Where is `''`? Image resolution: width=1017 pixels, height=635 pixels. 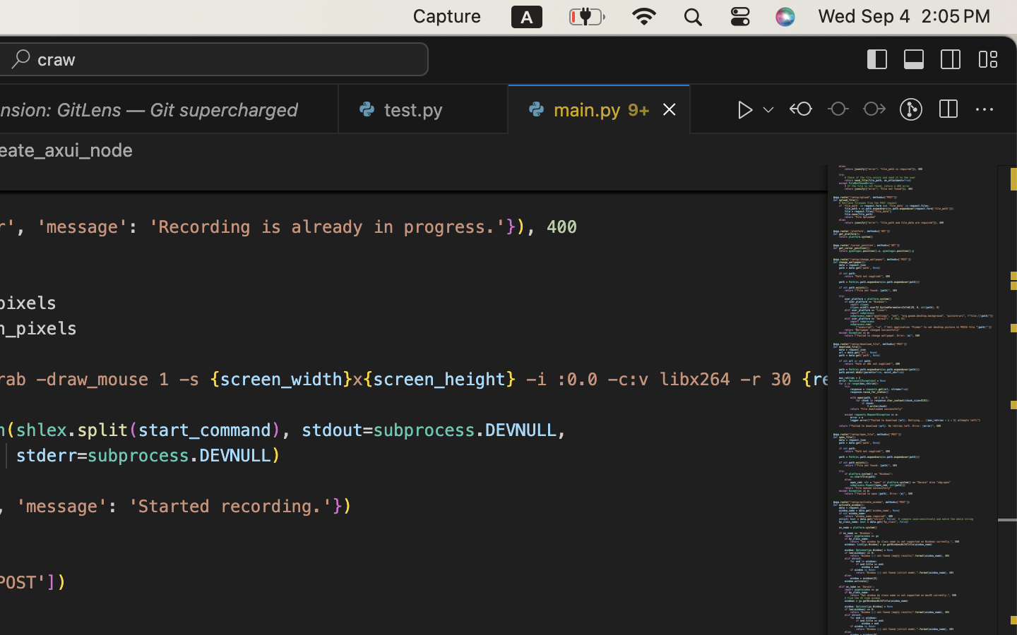 '' is located at coordinates (800, 109).